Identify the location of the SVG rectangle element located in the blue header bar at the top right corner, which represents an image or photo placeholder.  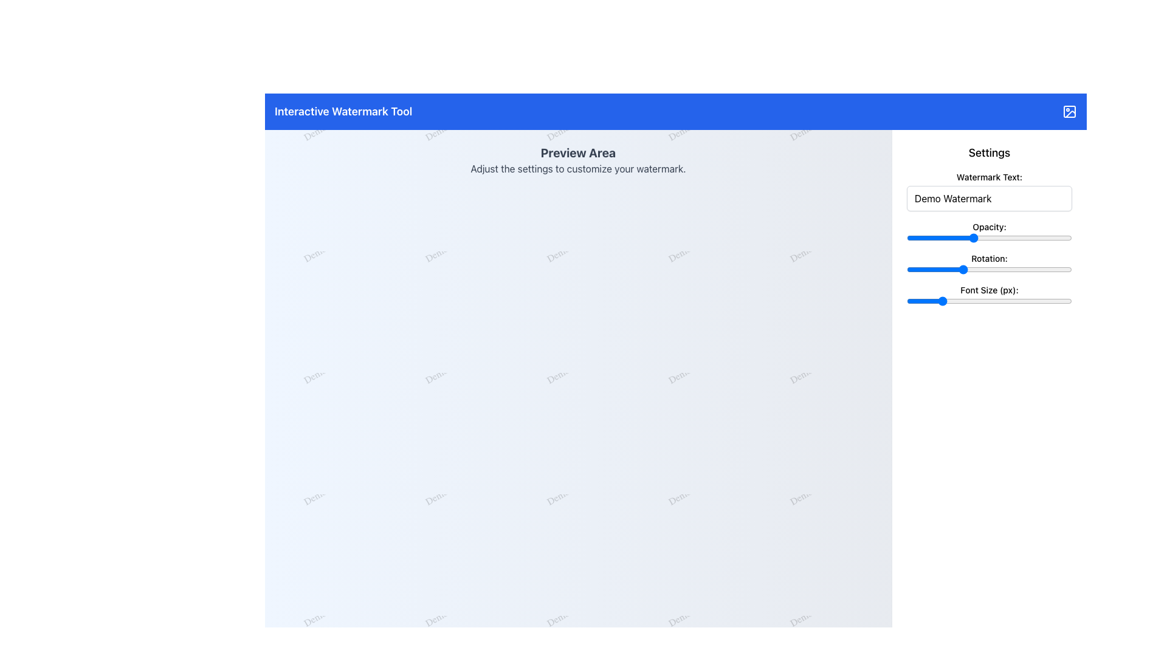
(1070, 112).